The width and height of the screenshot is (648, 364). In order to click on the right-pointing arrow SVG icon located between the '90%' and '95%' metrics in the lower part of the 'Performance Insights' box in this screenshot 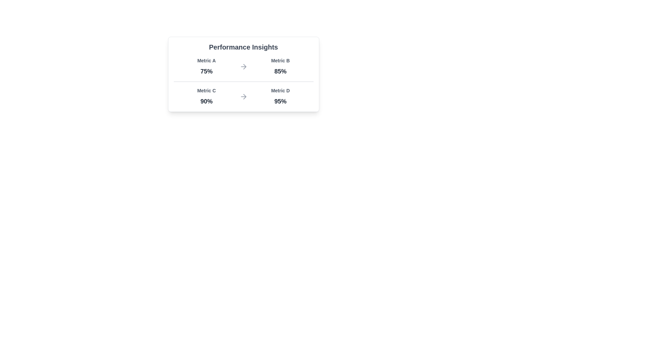, I will do `click(243, 96)`.